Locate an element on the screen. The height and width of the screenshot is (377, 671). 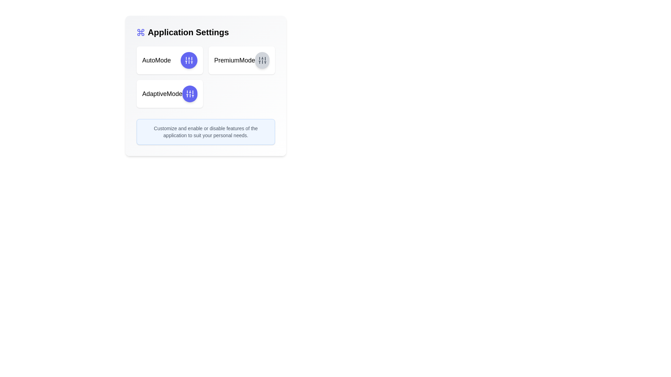
informational text that says 'Customize and enable or disable features of the application to suit your personal needs.' which is displayed in gray color within a light blue rounded rectangular panel is located at coordinates (205, 132).